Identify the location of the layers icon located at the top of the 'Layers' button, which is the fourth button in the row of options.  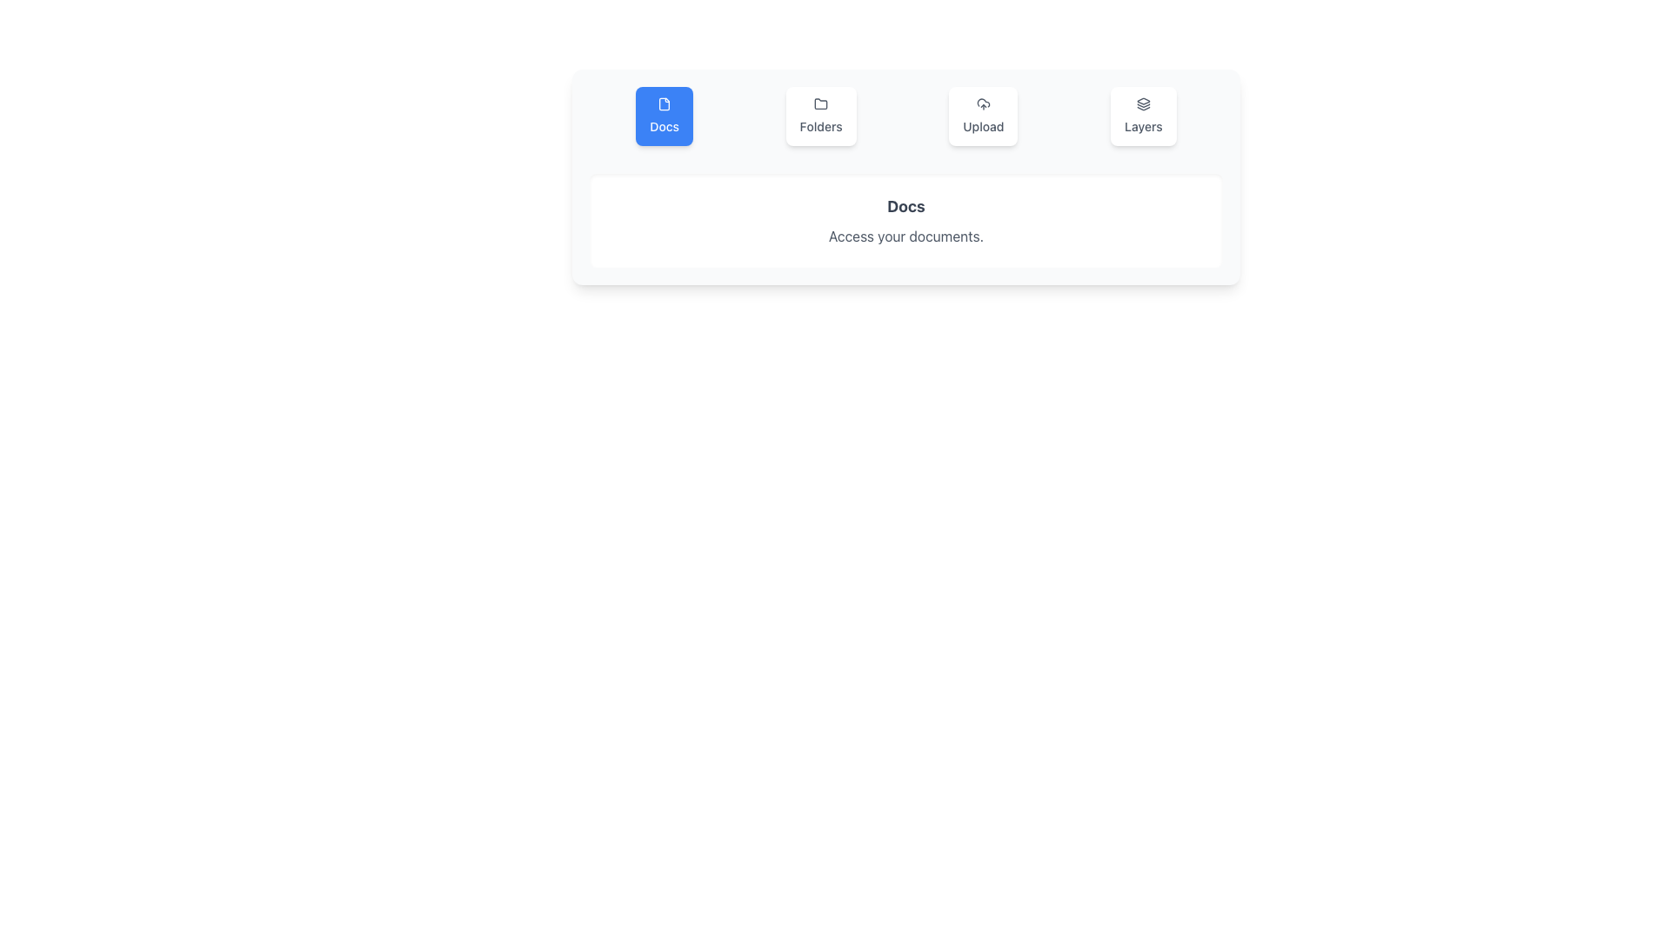
(1143, 103).